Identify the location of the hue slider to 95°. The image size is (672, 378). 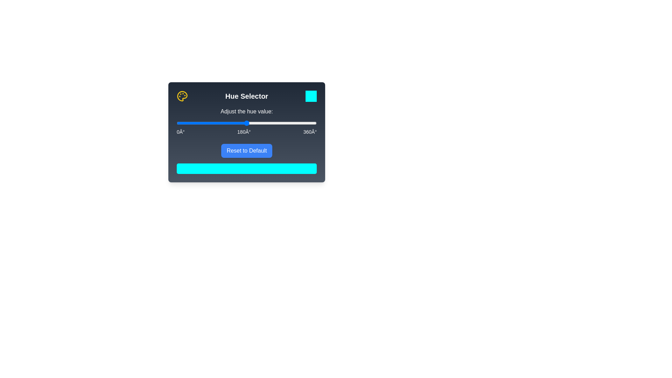
(213, 122).